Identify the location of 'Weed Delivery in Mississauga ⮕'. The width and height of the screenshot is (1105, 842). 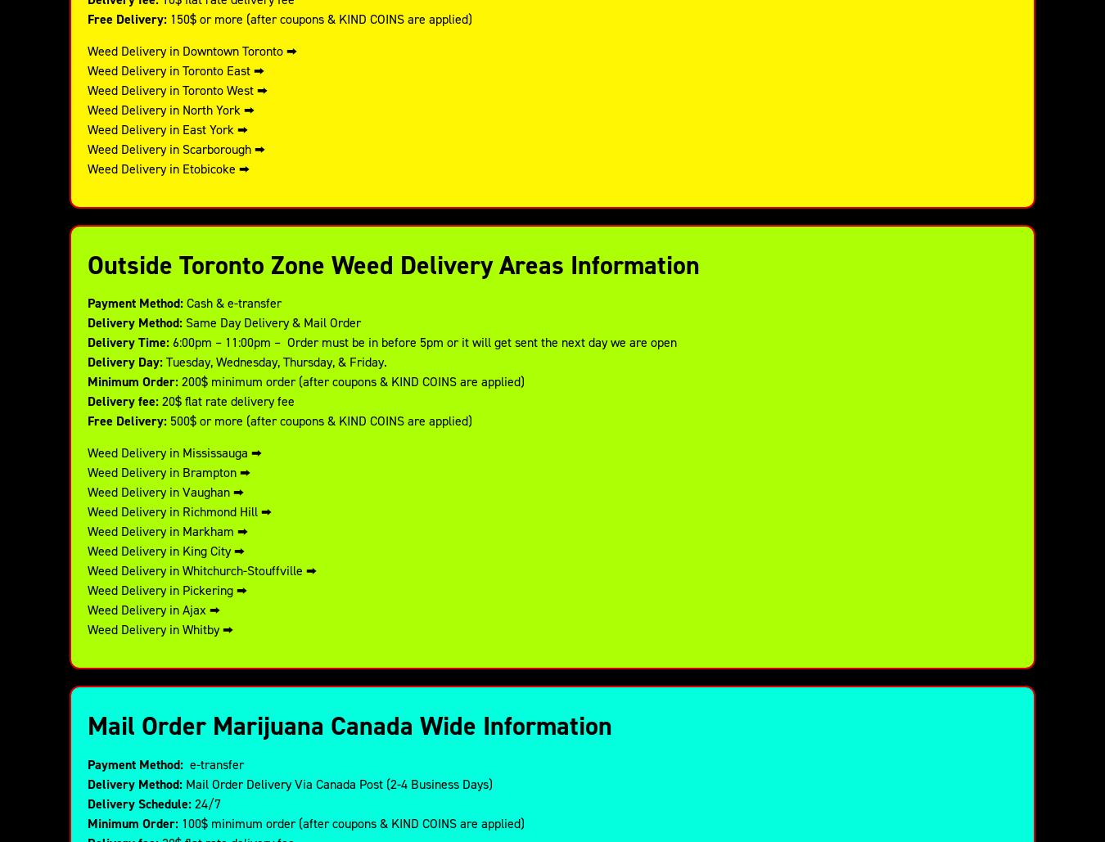
(87, 451).